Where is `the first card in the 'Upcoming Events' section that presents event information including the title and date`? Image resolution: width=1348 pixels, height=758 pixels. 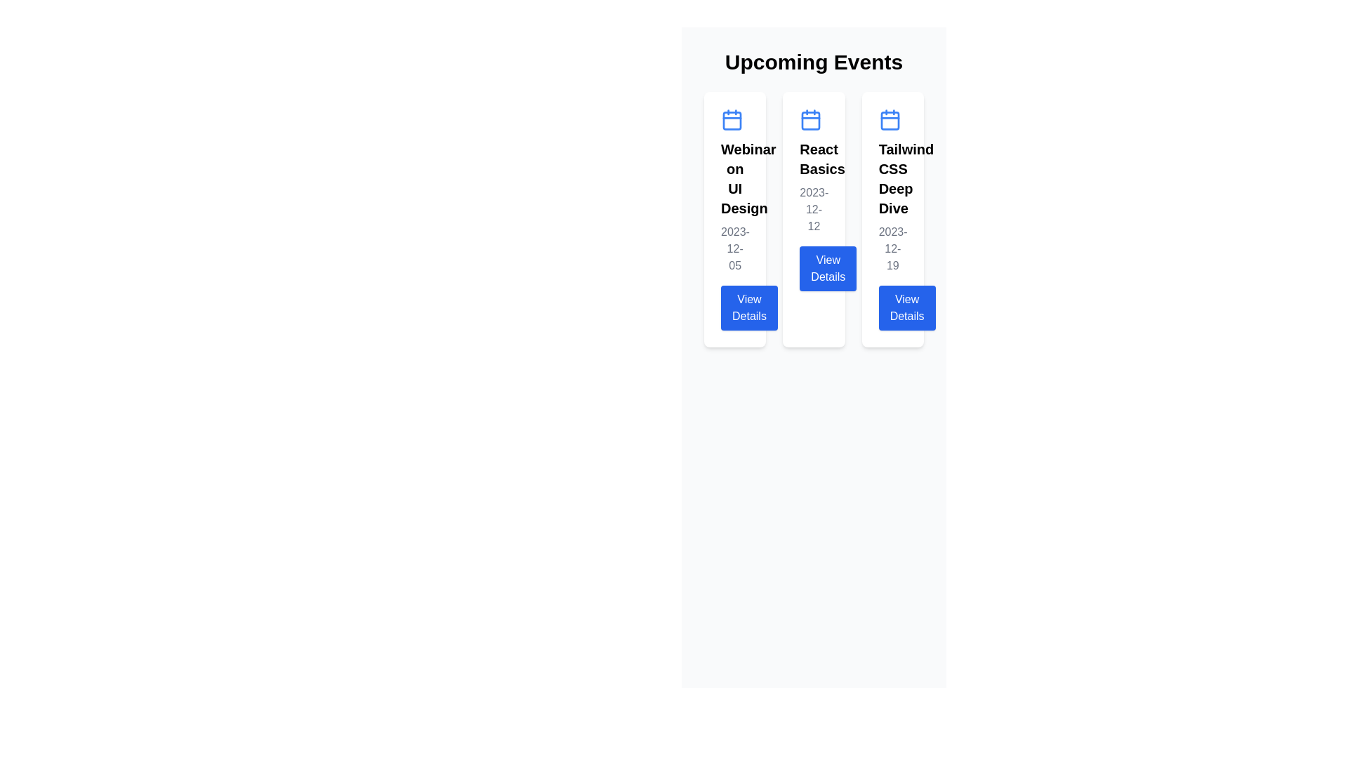
the first card in the 'Upcoming Events' section that presents event information including the title and date is located at coordinates (734, 219).